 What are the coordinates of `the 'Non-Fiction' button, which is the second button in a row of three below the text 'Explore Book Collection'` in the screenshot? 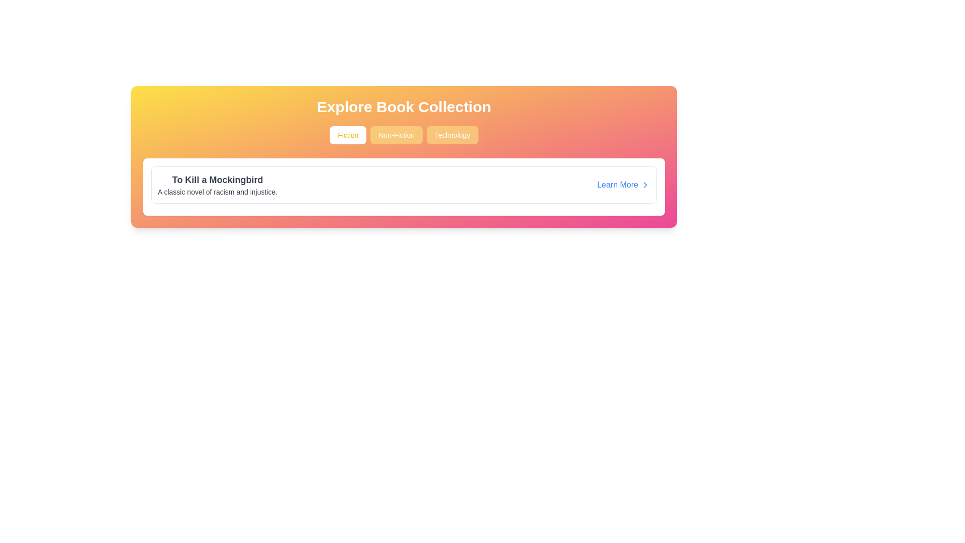 It's located at (404, 135).